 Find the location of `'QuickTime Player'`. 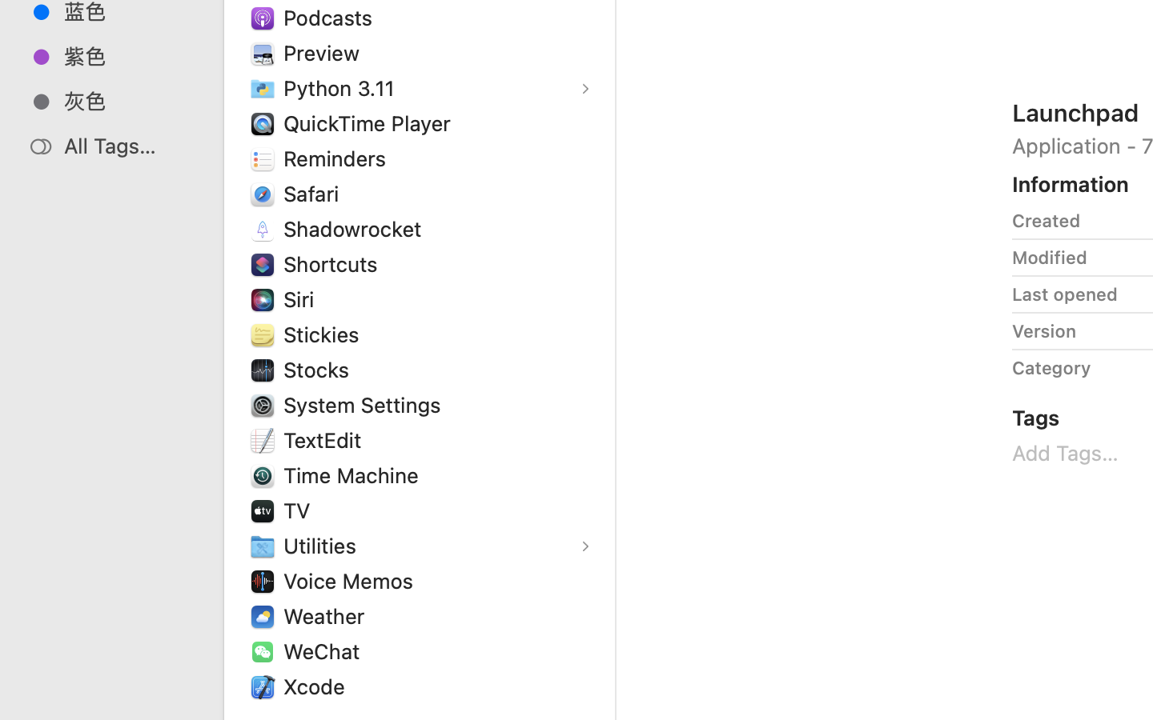

'QuickTime Player' is located at coordinates (370, 122).